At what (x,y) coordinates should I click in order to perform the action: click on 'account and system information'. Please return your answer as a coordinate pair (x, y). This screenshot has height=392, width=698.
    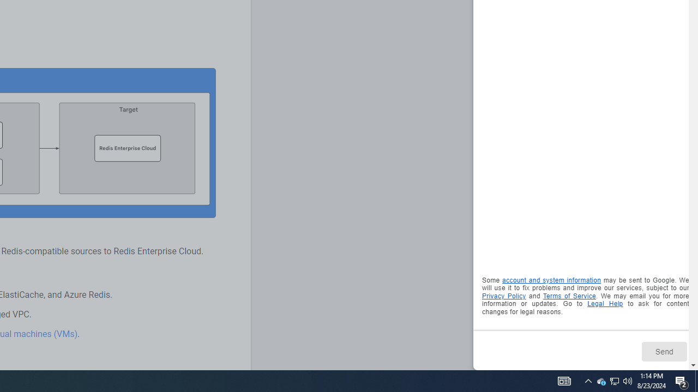
    Looking at the image, I should click on (552, 280).